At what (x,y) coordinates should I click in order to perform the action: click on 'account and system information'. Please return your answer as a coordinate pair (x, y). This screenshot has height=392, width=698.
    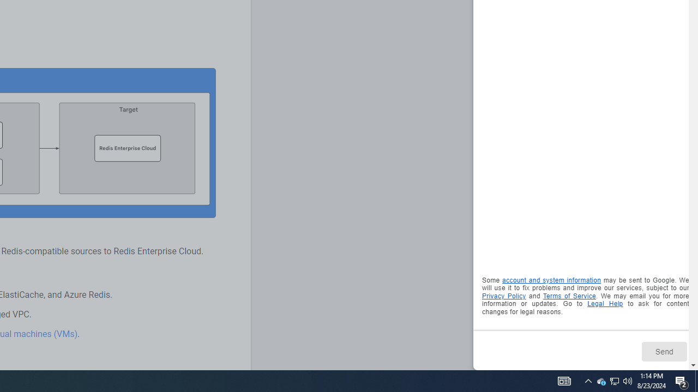
    Looking at the image, I should click on (552, 280).